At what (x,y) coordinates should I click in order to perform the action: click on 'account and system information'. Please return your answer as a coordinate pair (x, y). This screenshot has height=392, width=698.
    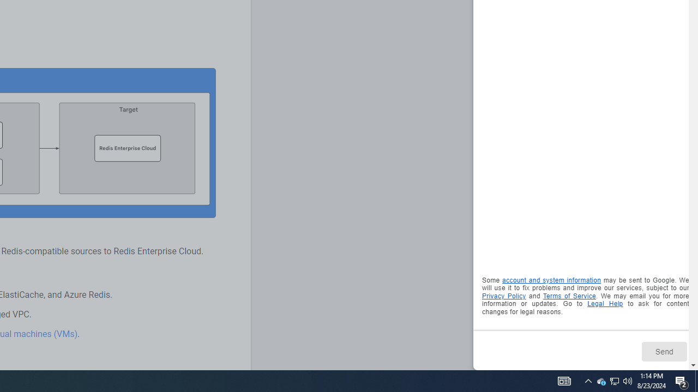
    Looking at the image, I should click on (552, 280).